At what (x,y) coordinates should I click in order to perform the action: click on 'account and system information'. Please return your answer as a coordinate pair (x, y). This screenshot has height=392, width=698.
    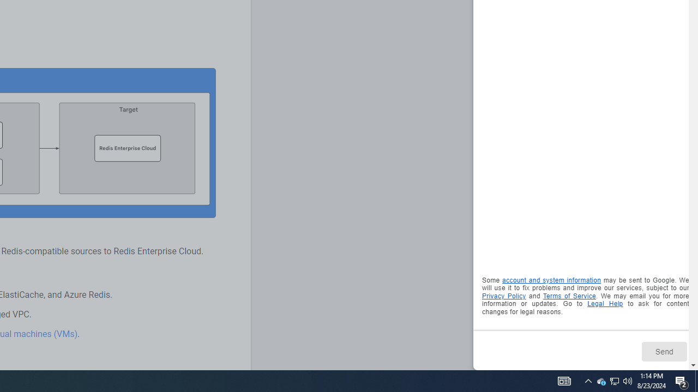
    Looking at the image, I should click on (552, 280).